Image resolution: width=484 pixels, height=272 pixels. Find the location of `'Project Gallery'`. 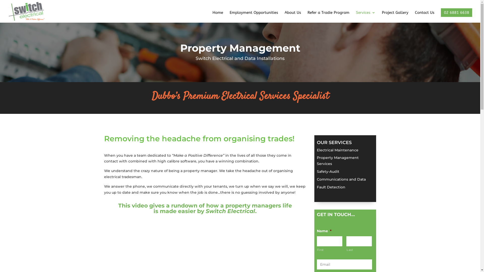

'Project Gallery' is located at coordinates (395, 16).